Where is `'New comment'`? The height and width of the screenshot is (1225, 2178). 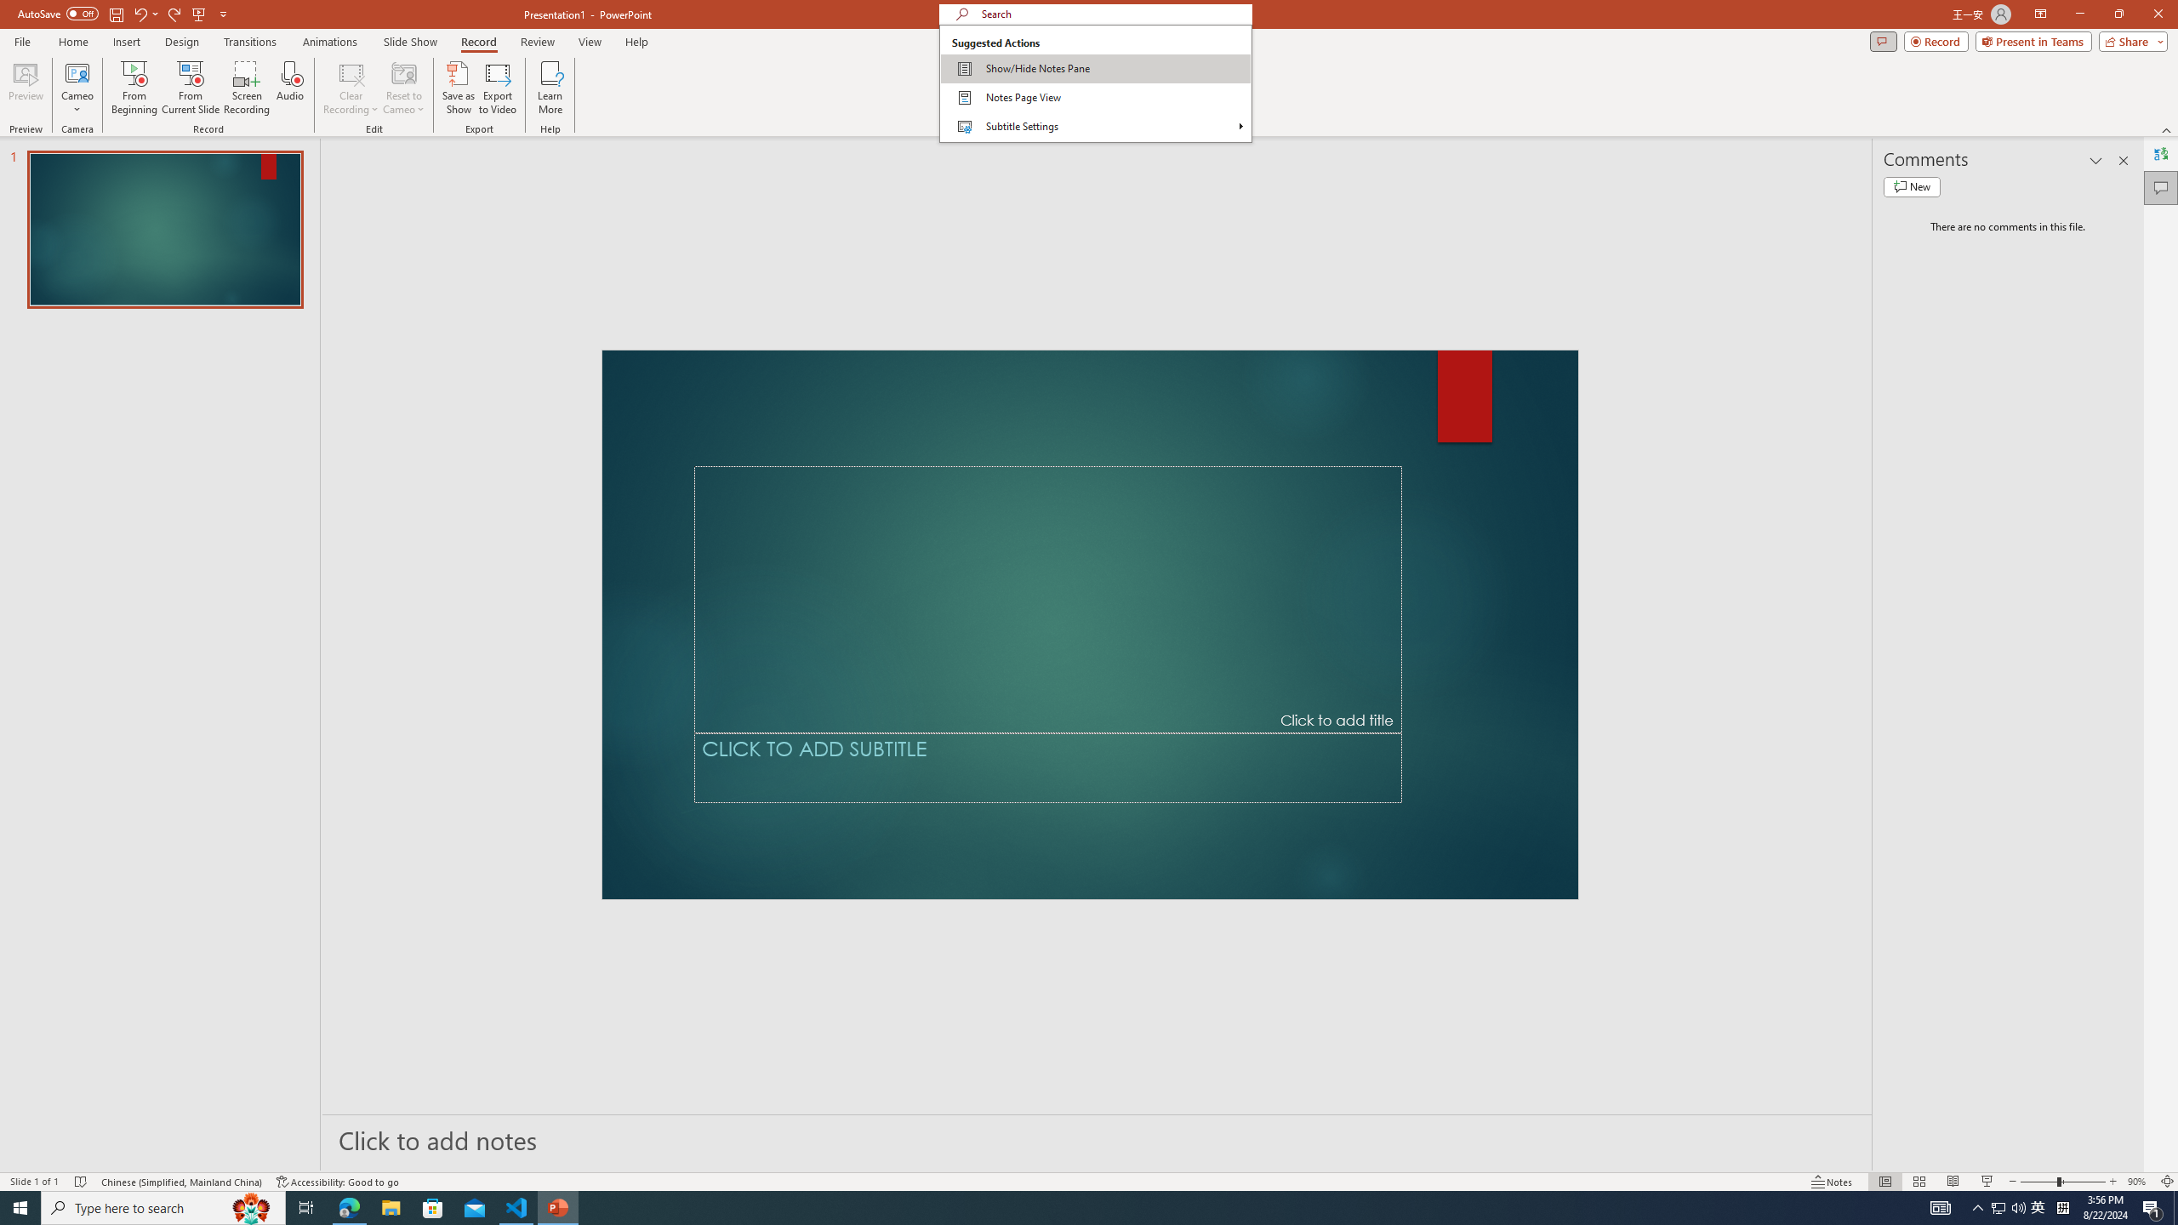
'New comment' is located at coordinates (1911, 185).